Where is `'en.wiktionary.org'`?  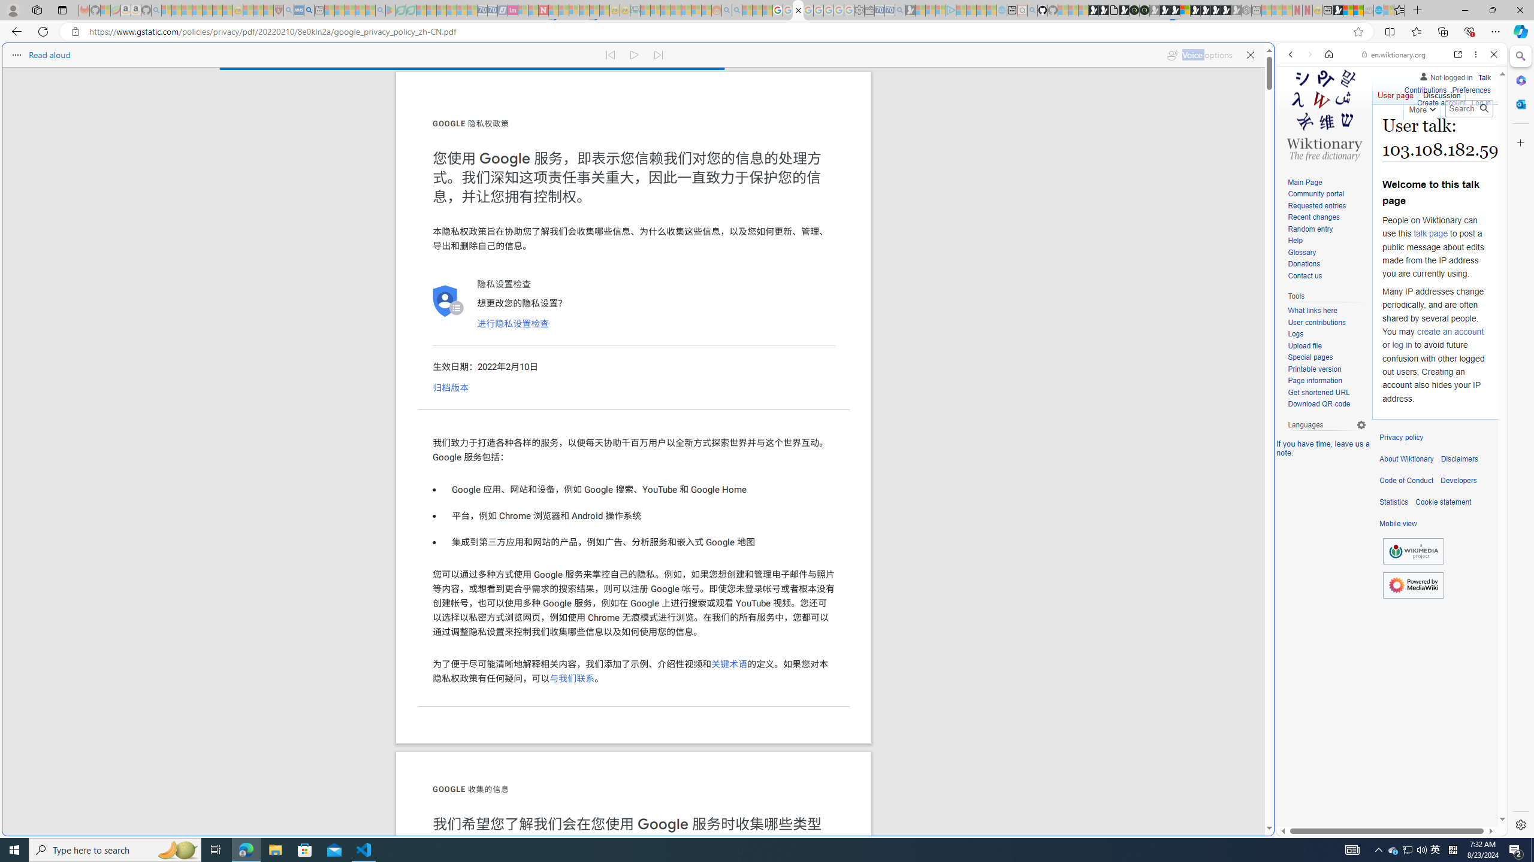 'en.wiktionary.org' is located at coordinates (1394, 54).